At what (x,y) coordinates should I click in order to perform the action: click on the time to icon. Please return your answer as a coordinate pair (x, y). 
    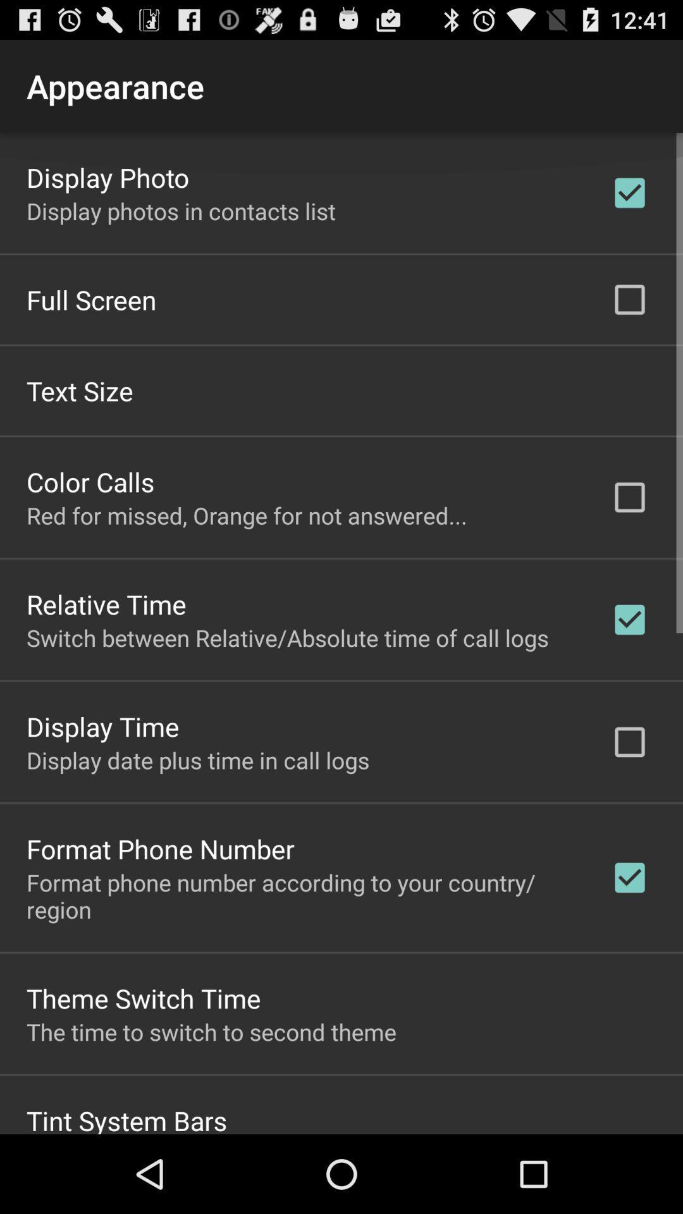
    Looking at the image, I should click on (211, 1031).